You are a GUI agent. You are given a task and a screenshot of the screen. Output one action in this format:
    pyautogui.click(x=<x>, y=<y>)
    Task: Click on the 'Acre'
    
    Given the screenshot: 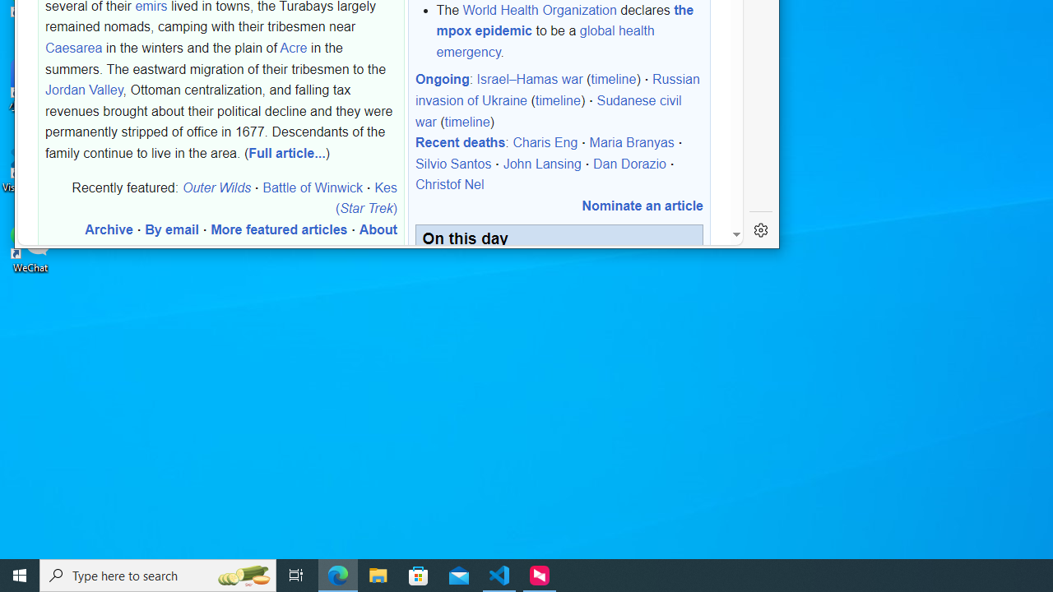 What is the action you would take?
    pyautogui.click(x=294, y=47)
    